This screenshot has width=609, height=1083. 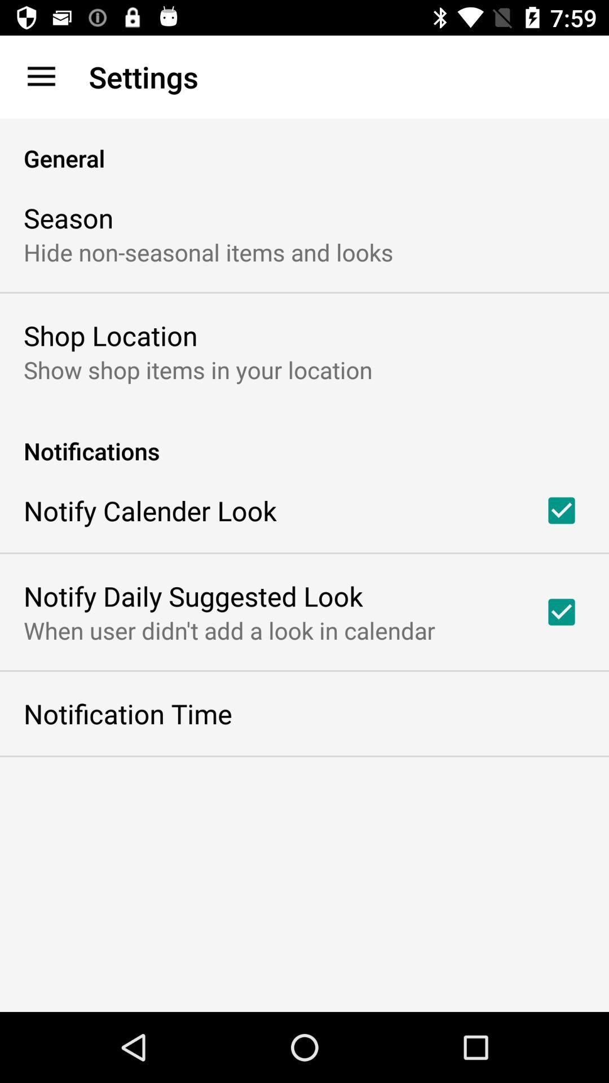 I want to click on item to the left of settings item, so click(x=41, y=76).